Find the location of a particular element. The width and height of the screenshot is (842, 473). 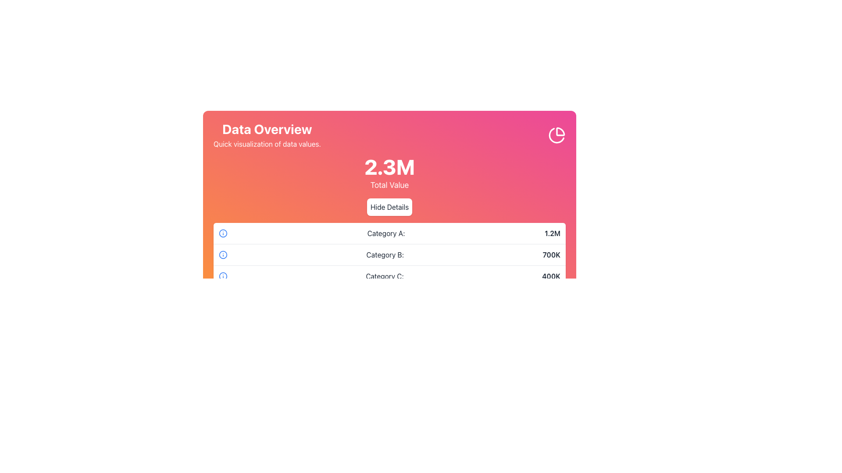

the button that toggles the visibility of detailed information about data categories, located below the '2.3M Total Value' text and above the list of categories is located at coordinates (389, 207).